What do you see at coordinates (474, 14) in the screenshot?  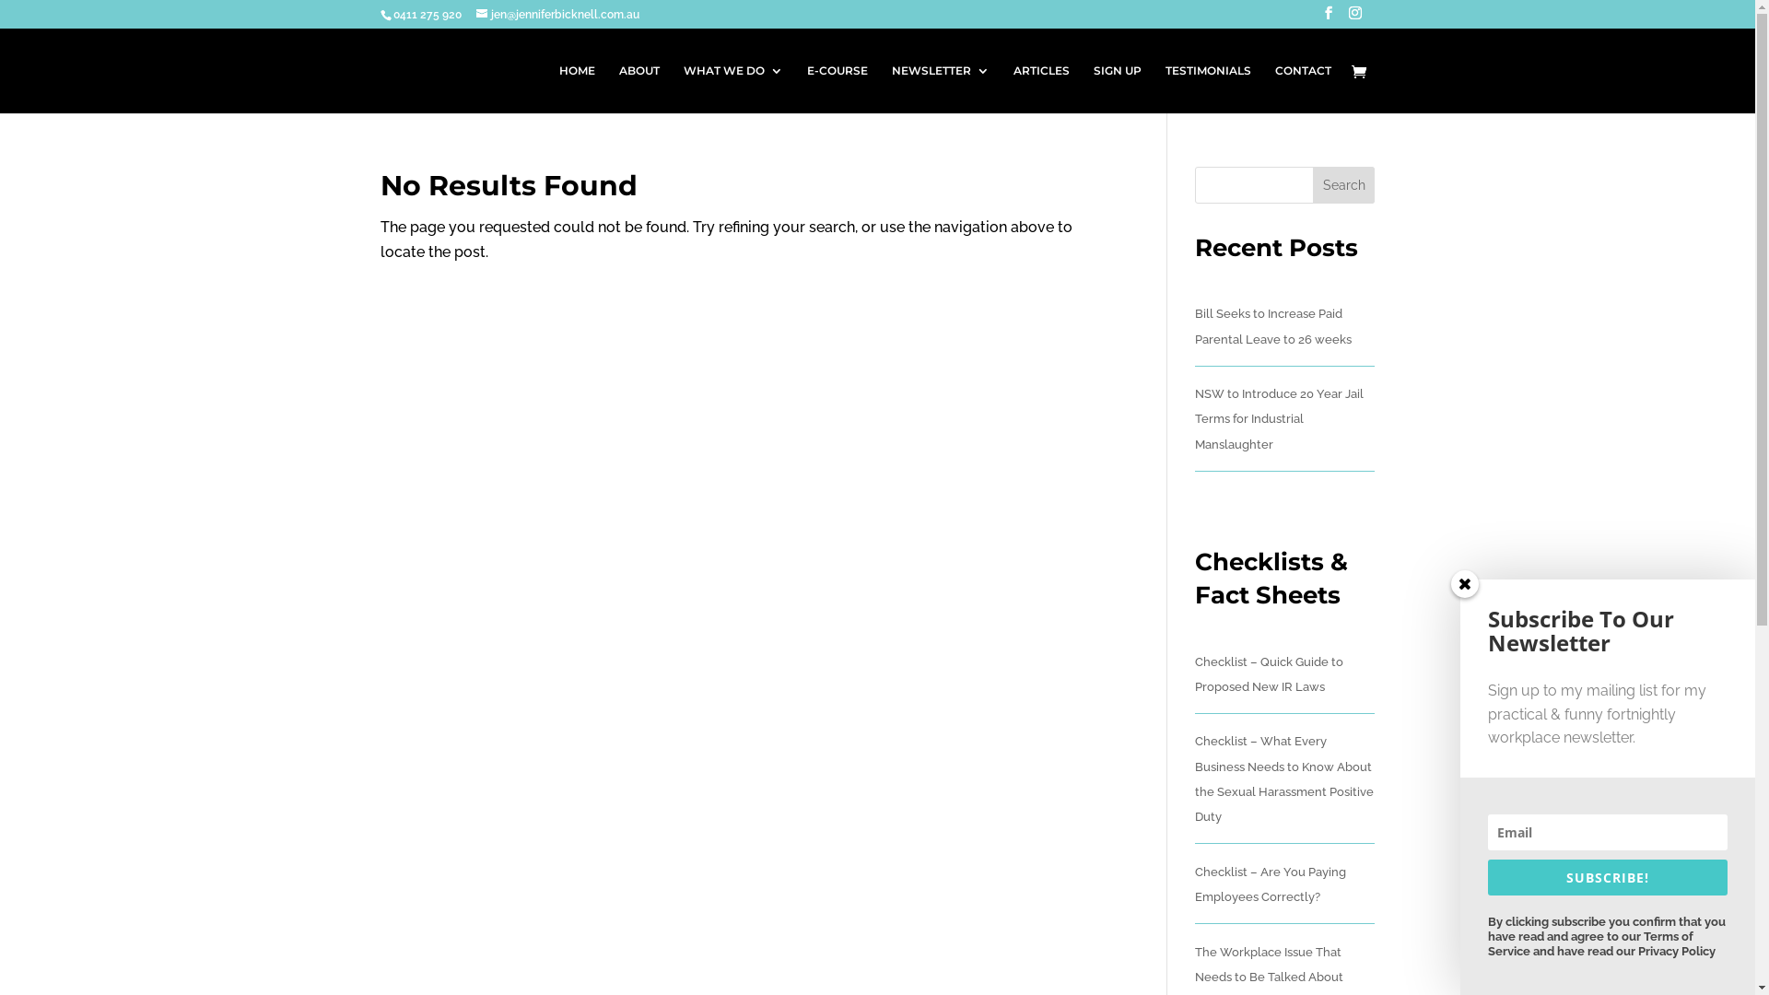 I see `'jen@jenniferbicknell.com.au'` at bounding box center [474, 14].